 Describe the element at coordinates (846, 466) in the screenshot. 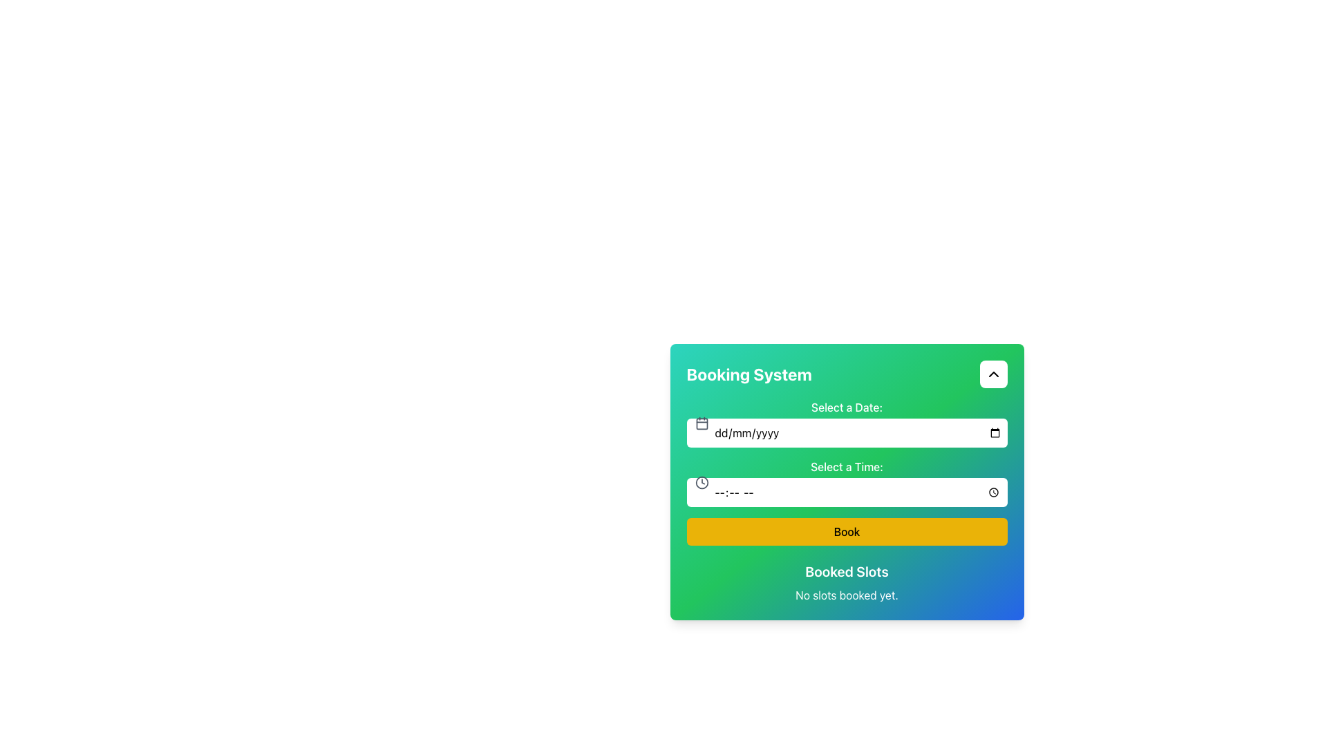

I see `the static text label displaying 'Select a Time:' which is located above the time input field in the booking system interface` at that location.